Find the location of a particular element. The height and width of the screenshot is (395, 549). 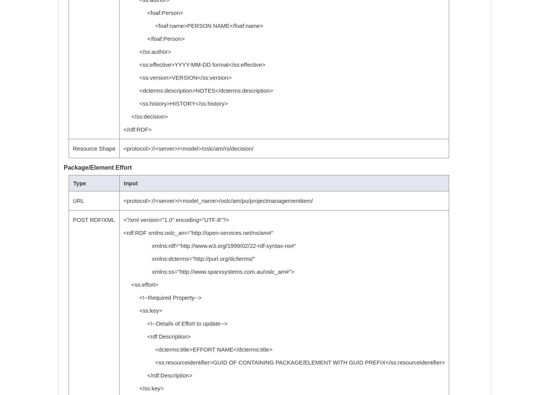

'<ss:resourceidentifier>GUID OF CONTAINING PACKAGE/ELEMENT WITH GUID PREFIX</ss:resourceidentifier>' is located at coordinates (284, 362).